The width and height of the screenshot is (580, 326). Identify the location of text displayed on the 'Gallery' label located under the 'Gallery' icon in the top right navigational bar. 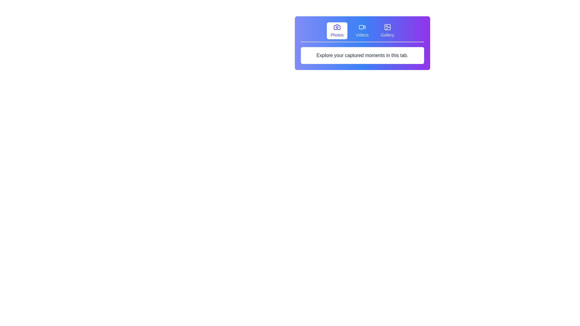
(387, 35).